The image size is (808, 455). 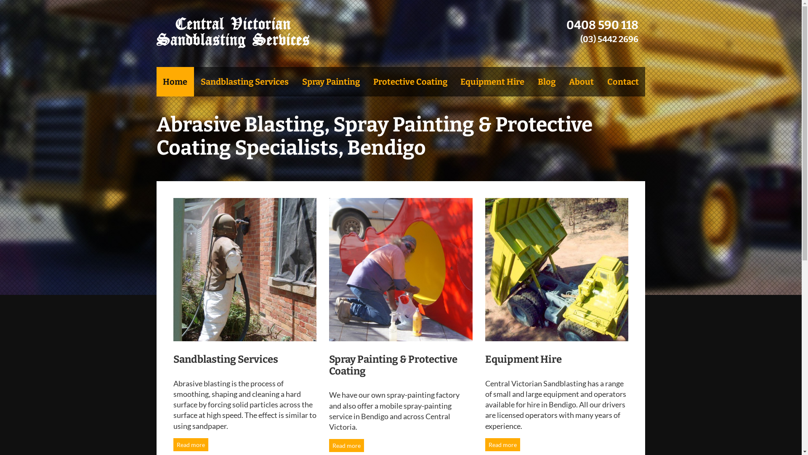 What do you see at coordinates (581, 81) in the screenshot?
I see `'About'` at bounding box center [581, 81].